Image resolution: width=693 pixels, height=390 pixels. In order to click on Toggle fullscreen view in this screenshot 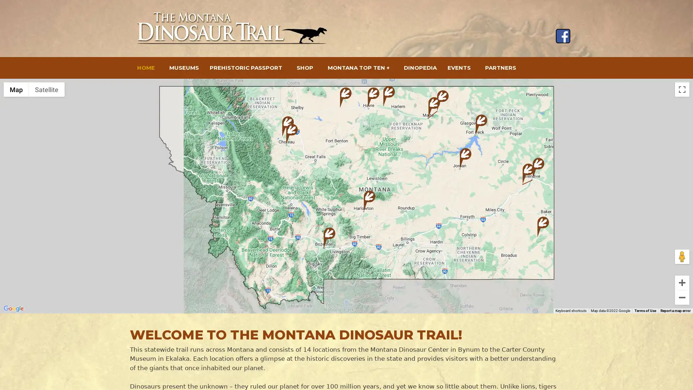, I will do `click(682, 89)`.